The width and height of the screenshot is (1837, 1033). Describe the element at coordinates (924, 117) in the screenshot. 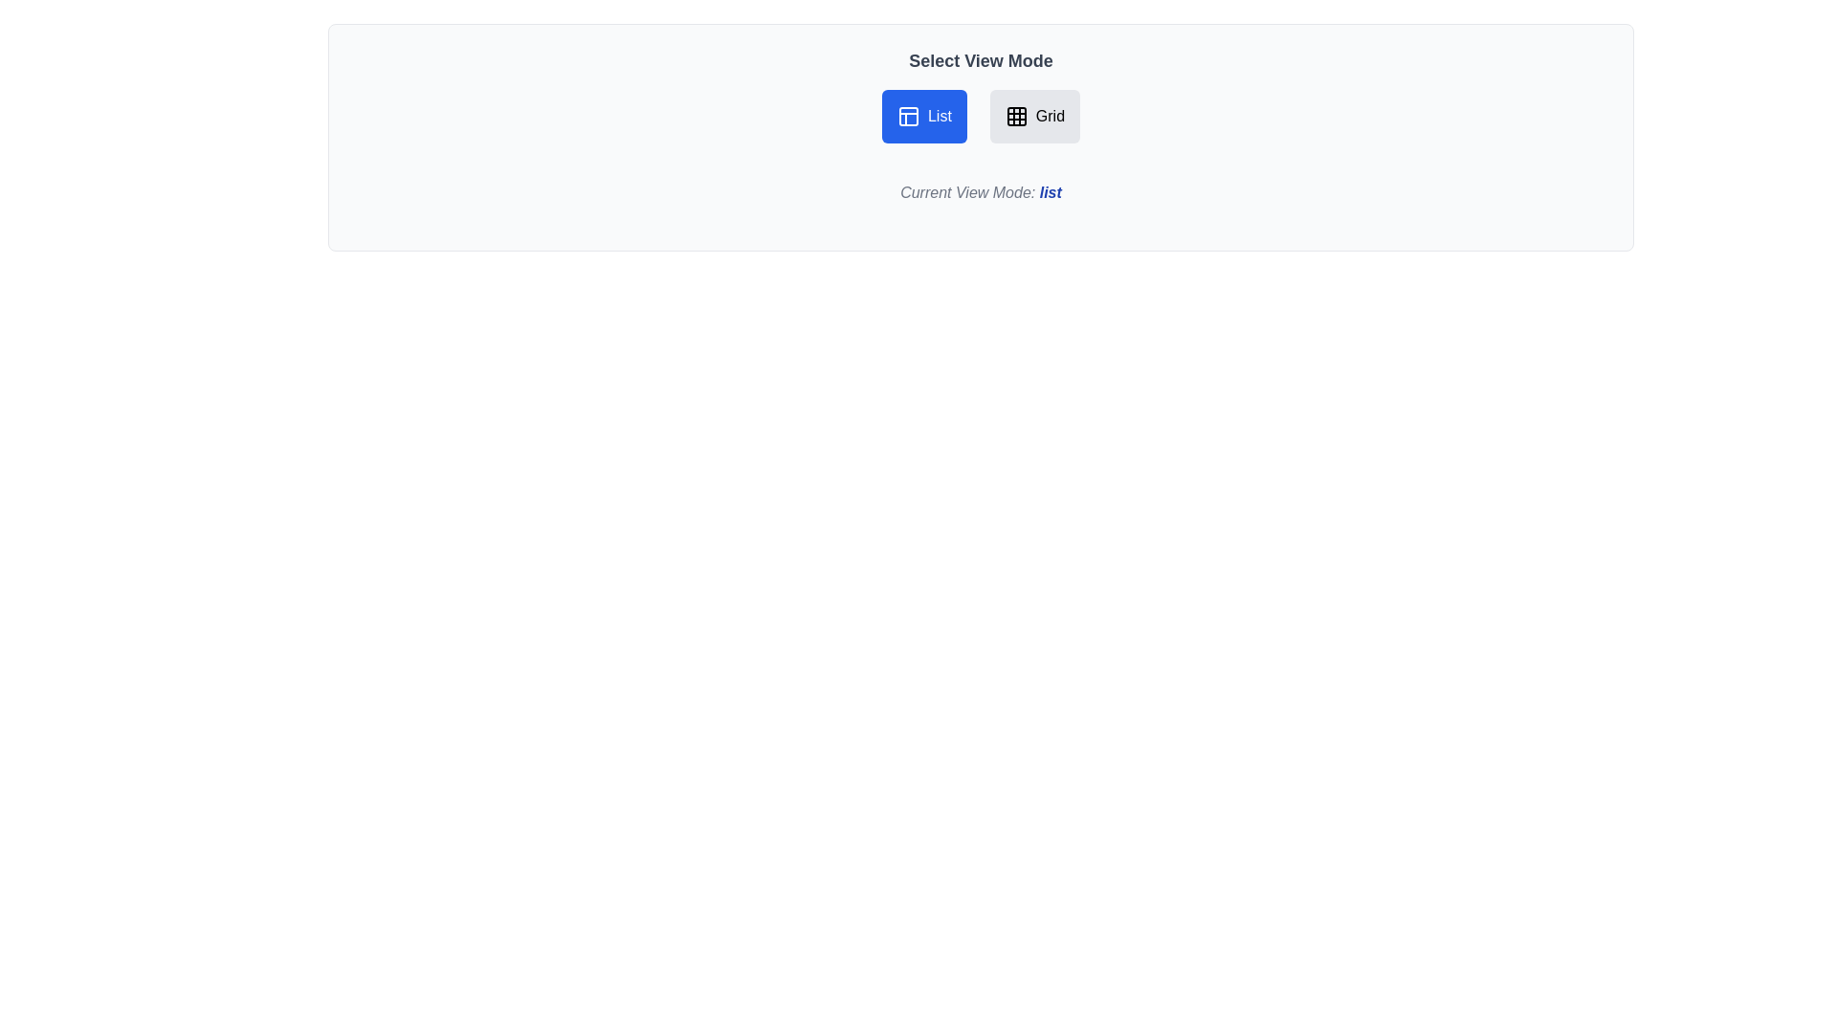

I see `the List button to switch the view mode` at that location.